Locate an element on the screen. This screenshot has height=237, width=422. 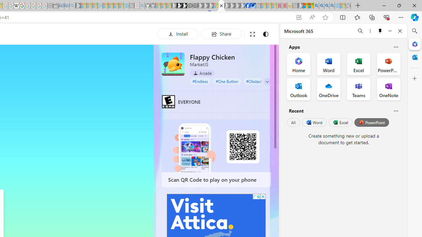
'Favorites - Sleeping' is located at coordinates (348, 6).